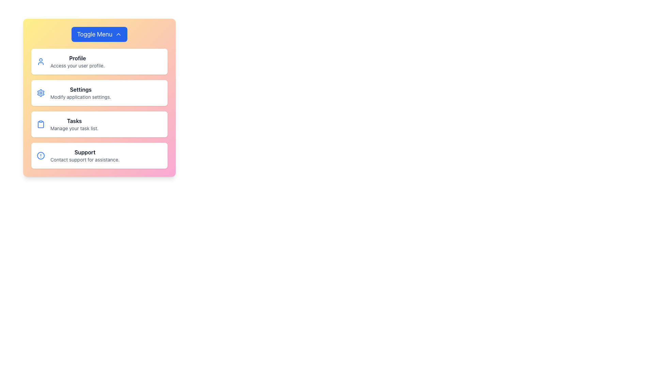  Describe the element at coordinates (74, 124) in the screenshot. I see `the information presented by the 'Tasks' label, which includes the title and subtitle text in the center of the menu items` at that location.